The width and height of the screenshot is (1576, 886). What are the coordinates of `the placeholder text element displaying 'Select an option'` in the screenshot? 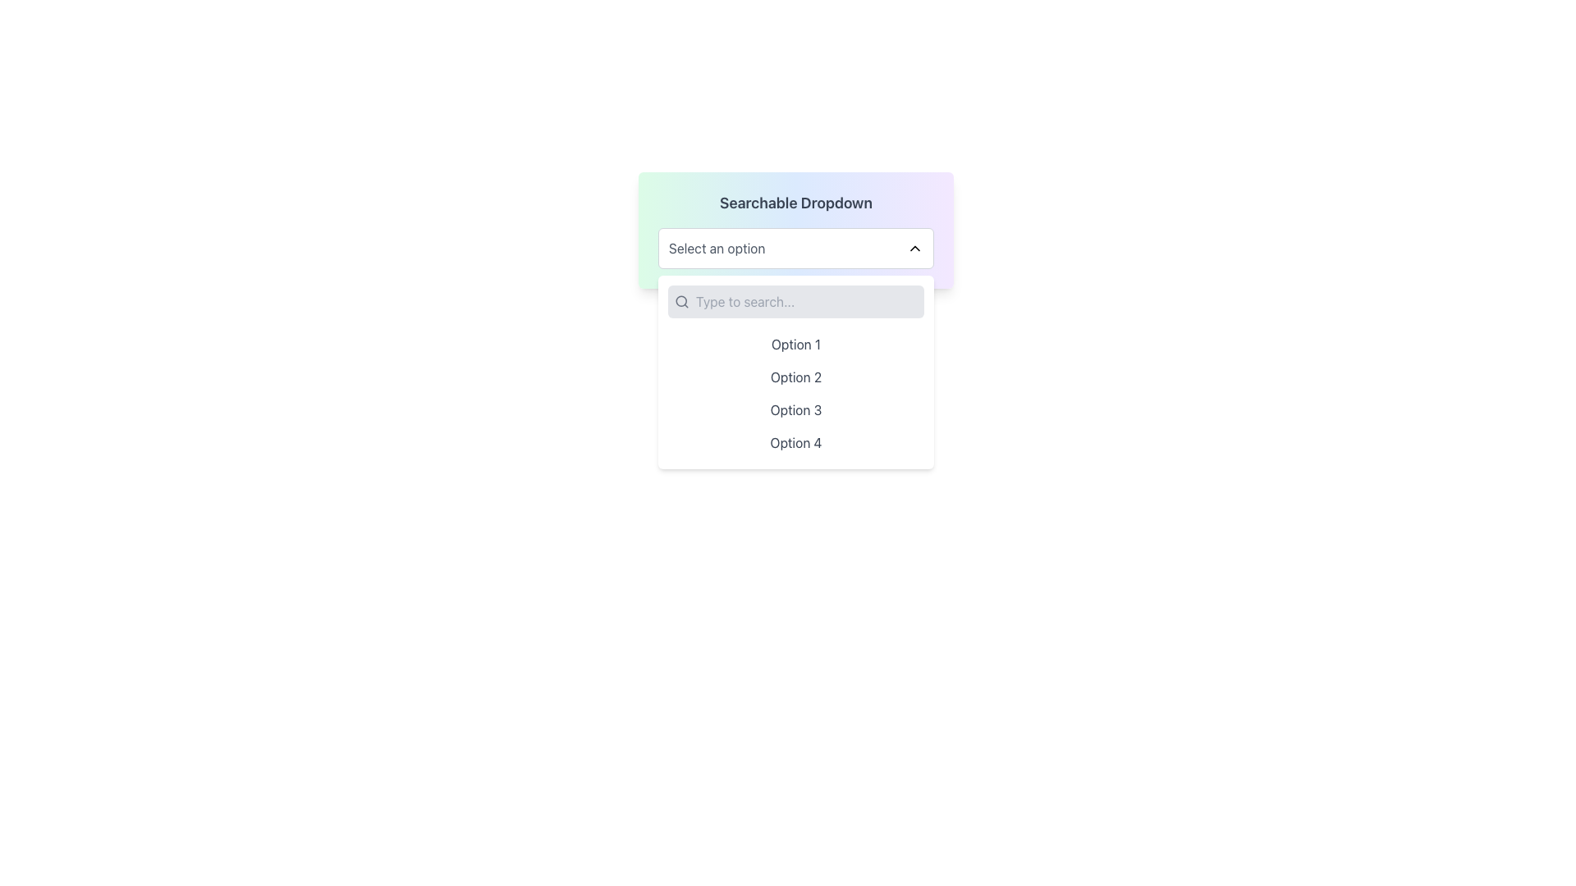 It's located at (717, 249).